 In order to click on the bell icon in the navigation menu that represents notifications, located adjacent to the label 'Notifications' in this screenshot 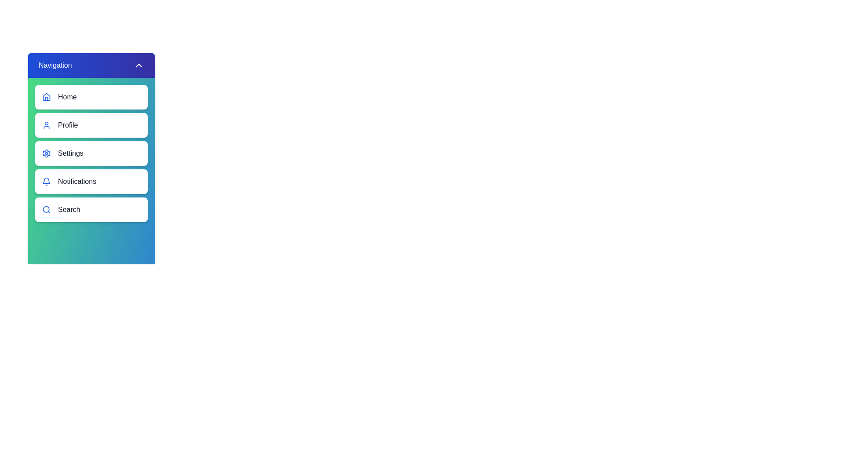, I will do `click(46, 181)`.